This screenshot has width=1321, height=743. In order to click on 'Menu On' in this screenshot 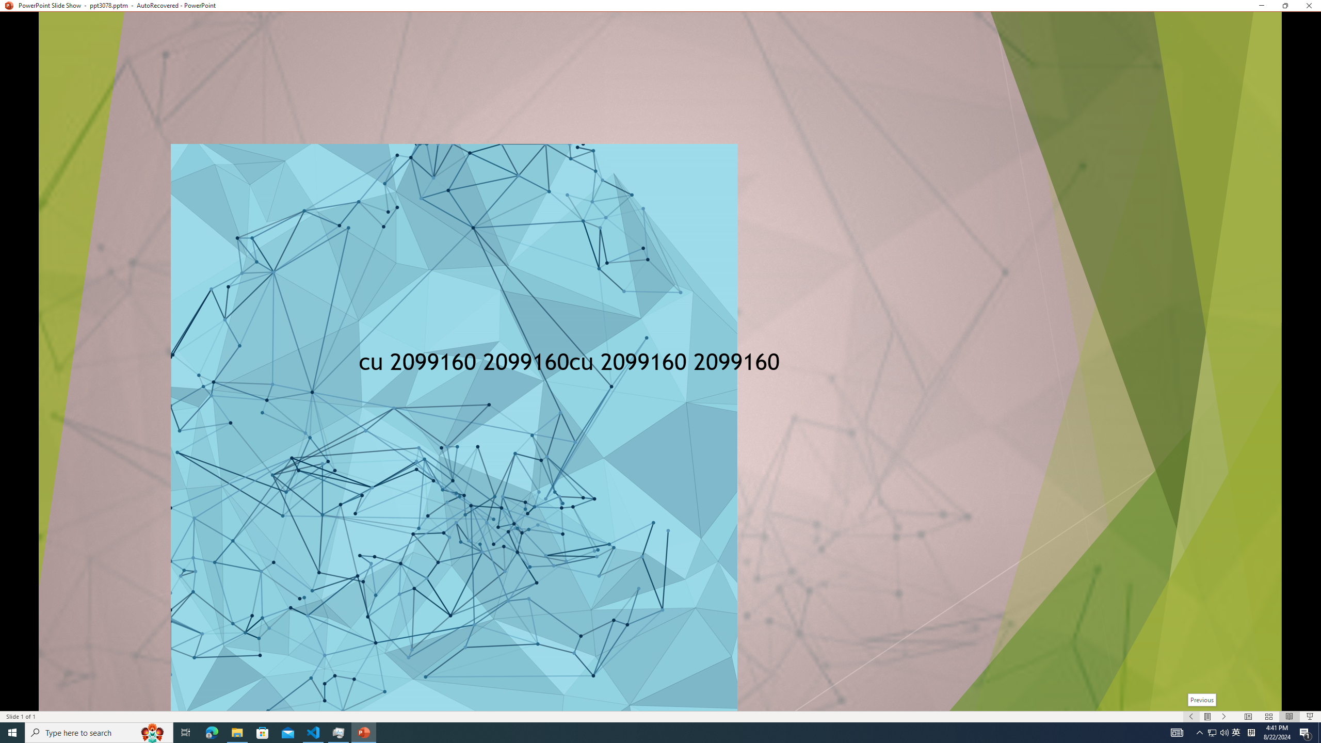, I will do `click(1207, 717)`.